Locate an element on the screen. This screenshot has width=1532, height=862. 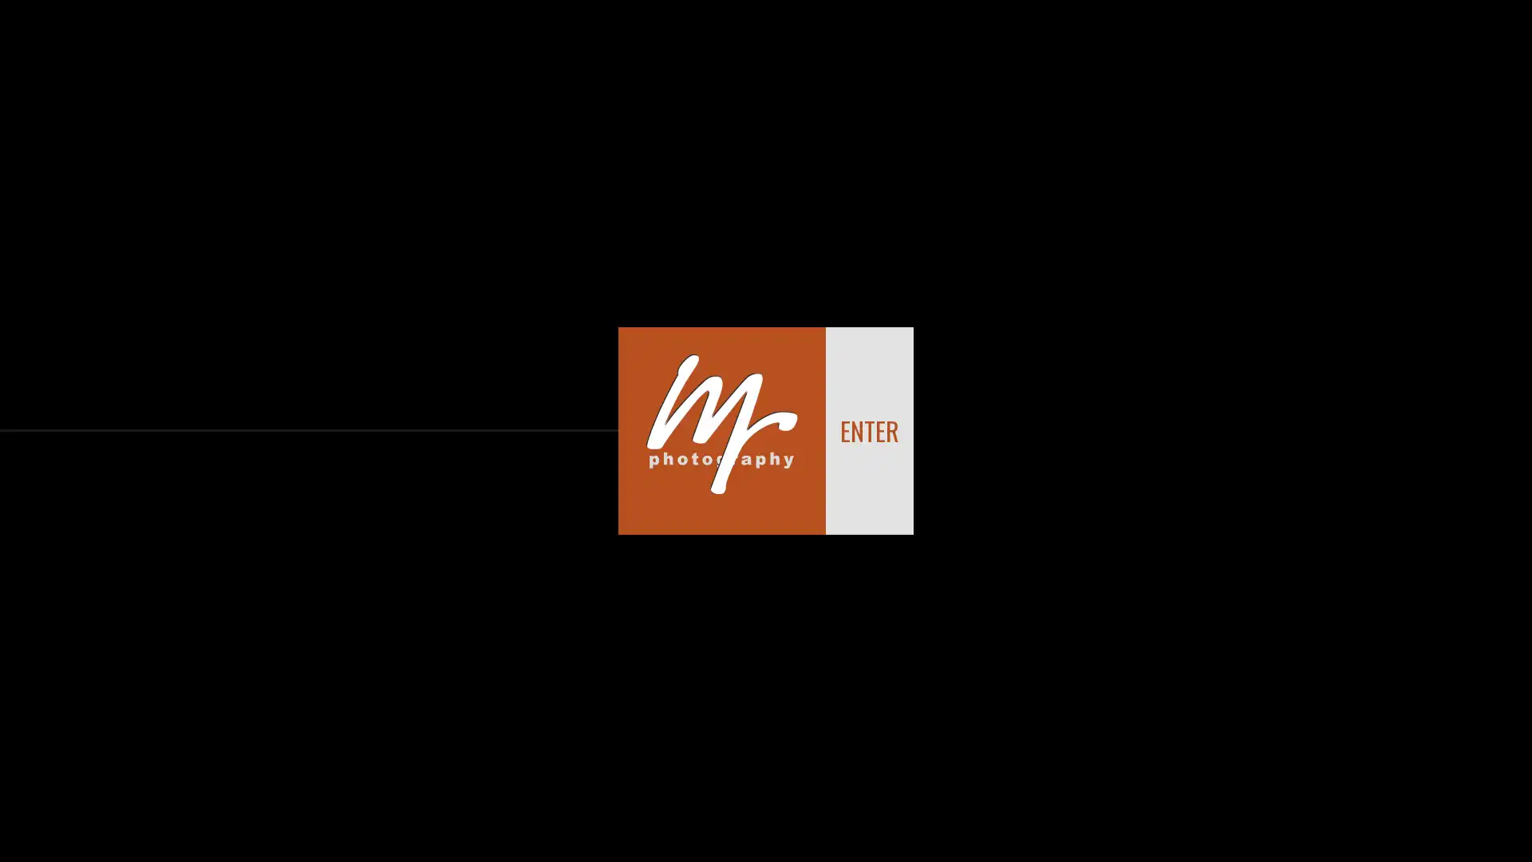
Clear is located at coordinates (507, 291).